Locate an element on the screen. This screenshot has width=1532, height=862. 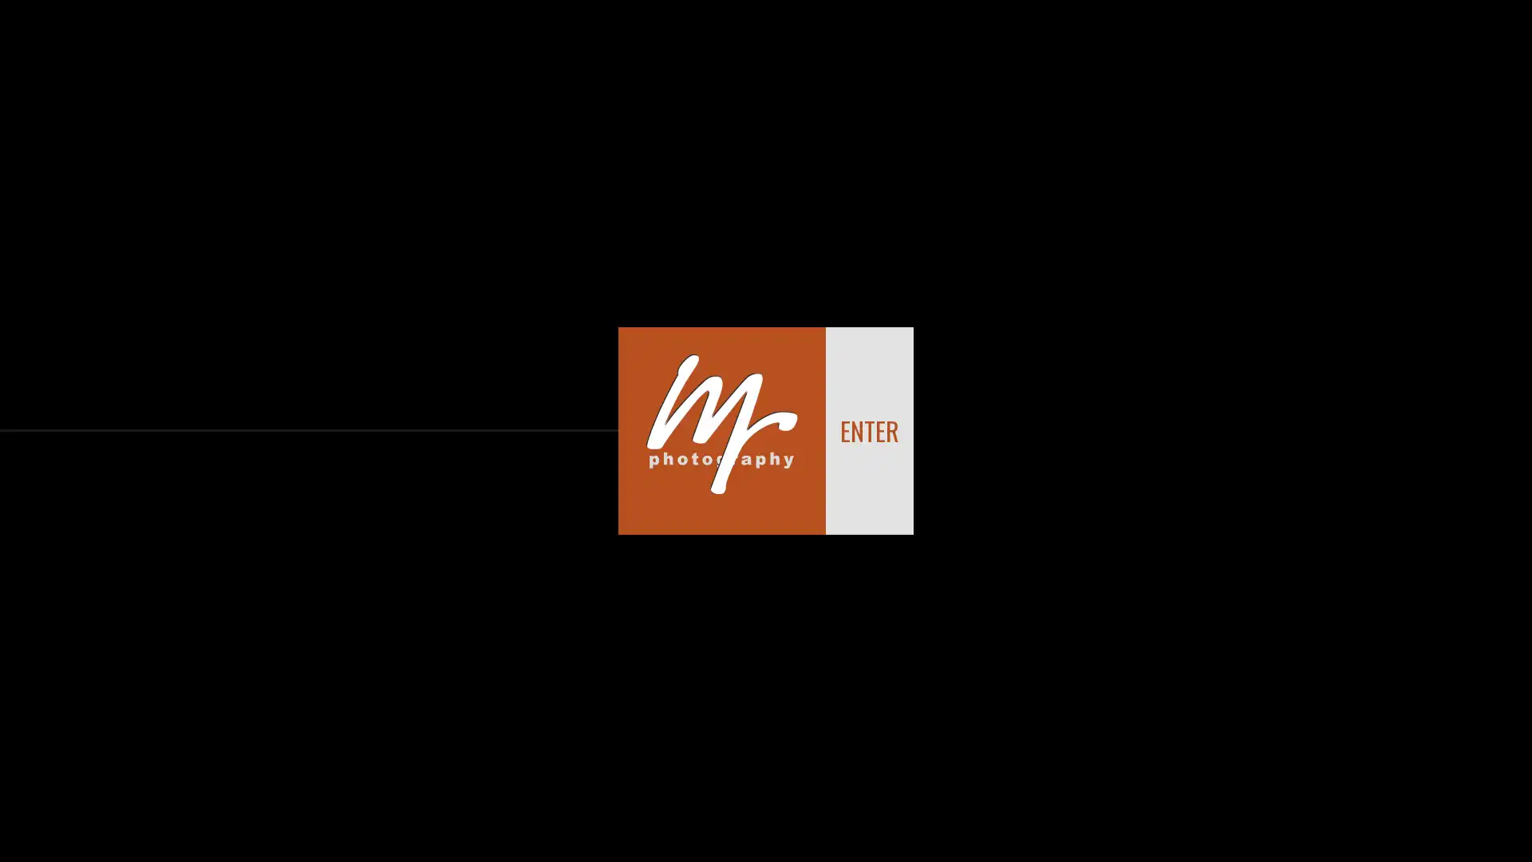
Clear is located at coordinates (507, 291).